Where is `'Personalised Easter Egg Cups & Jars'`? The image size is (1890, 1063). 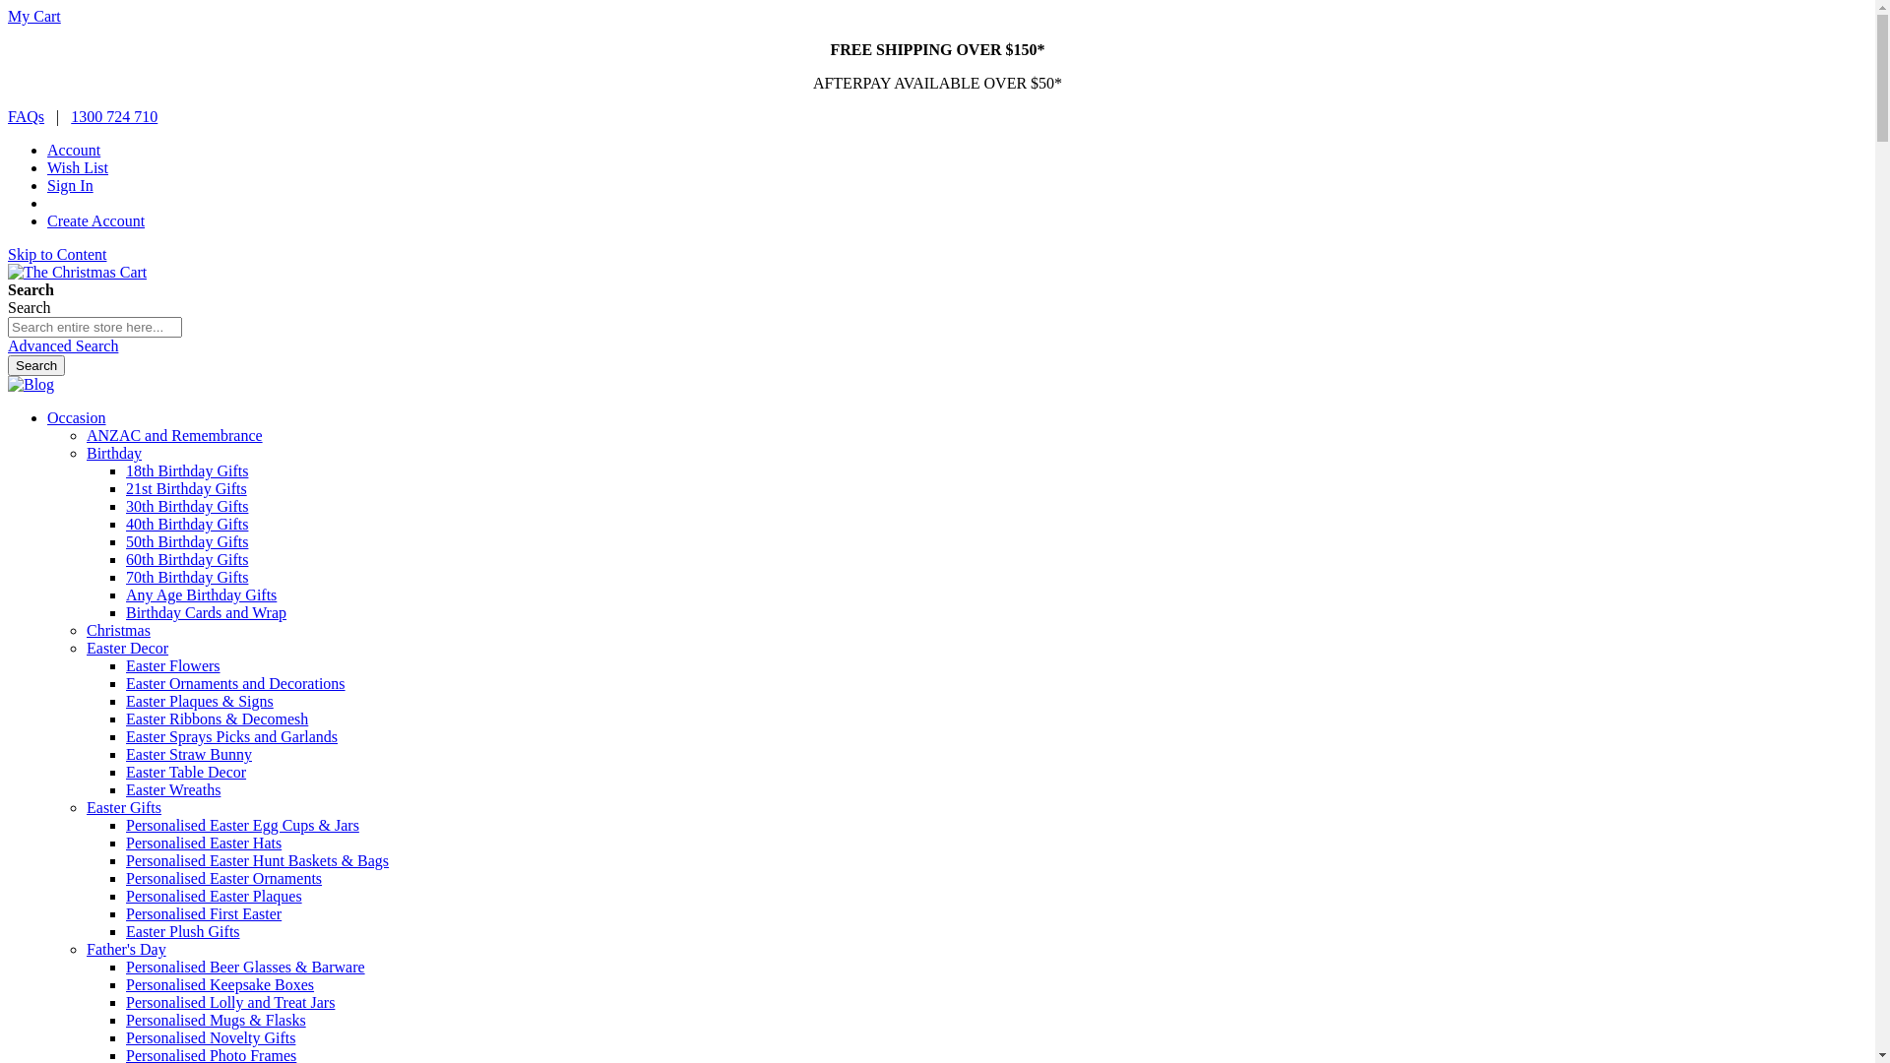
'Personalised Easter Egg Cups & Jars' is located at coordinates (241, 825).